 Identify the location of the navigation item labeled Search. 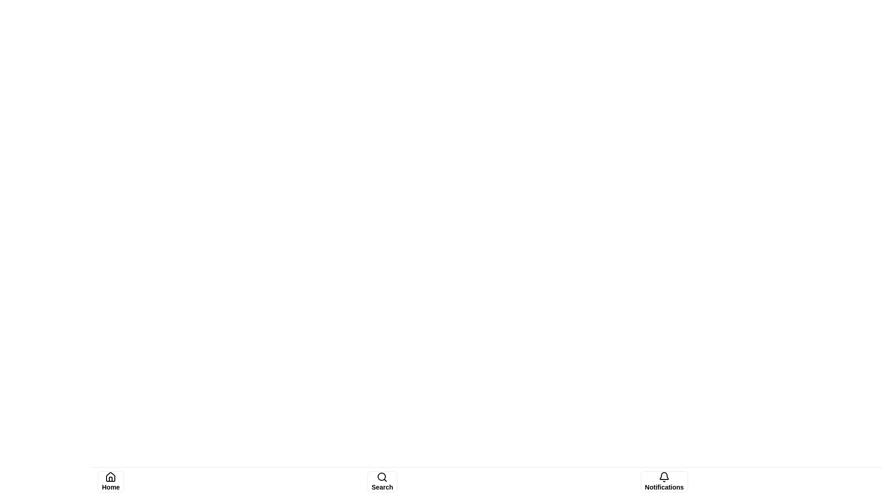
(382, 481).